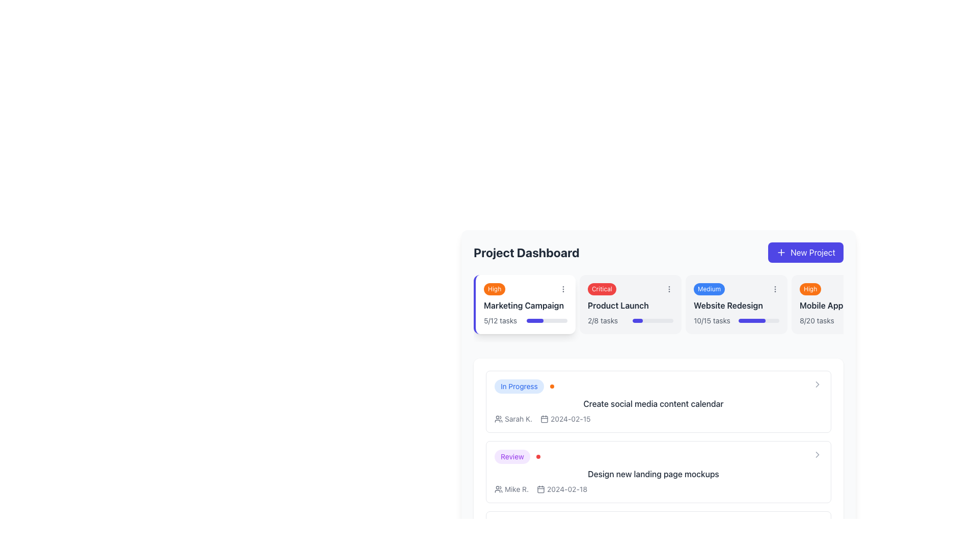 This screenshot has height=550, width=978. Describe the element at coordinates (526, 320) in the screenshot. I see `the Progress indicator displaying '5/12 tasks' within the 'Marketing Campaign' card block` at that location.